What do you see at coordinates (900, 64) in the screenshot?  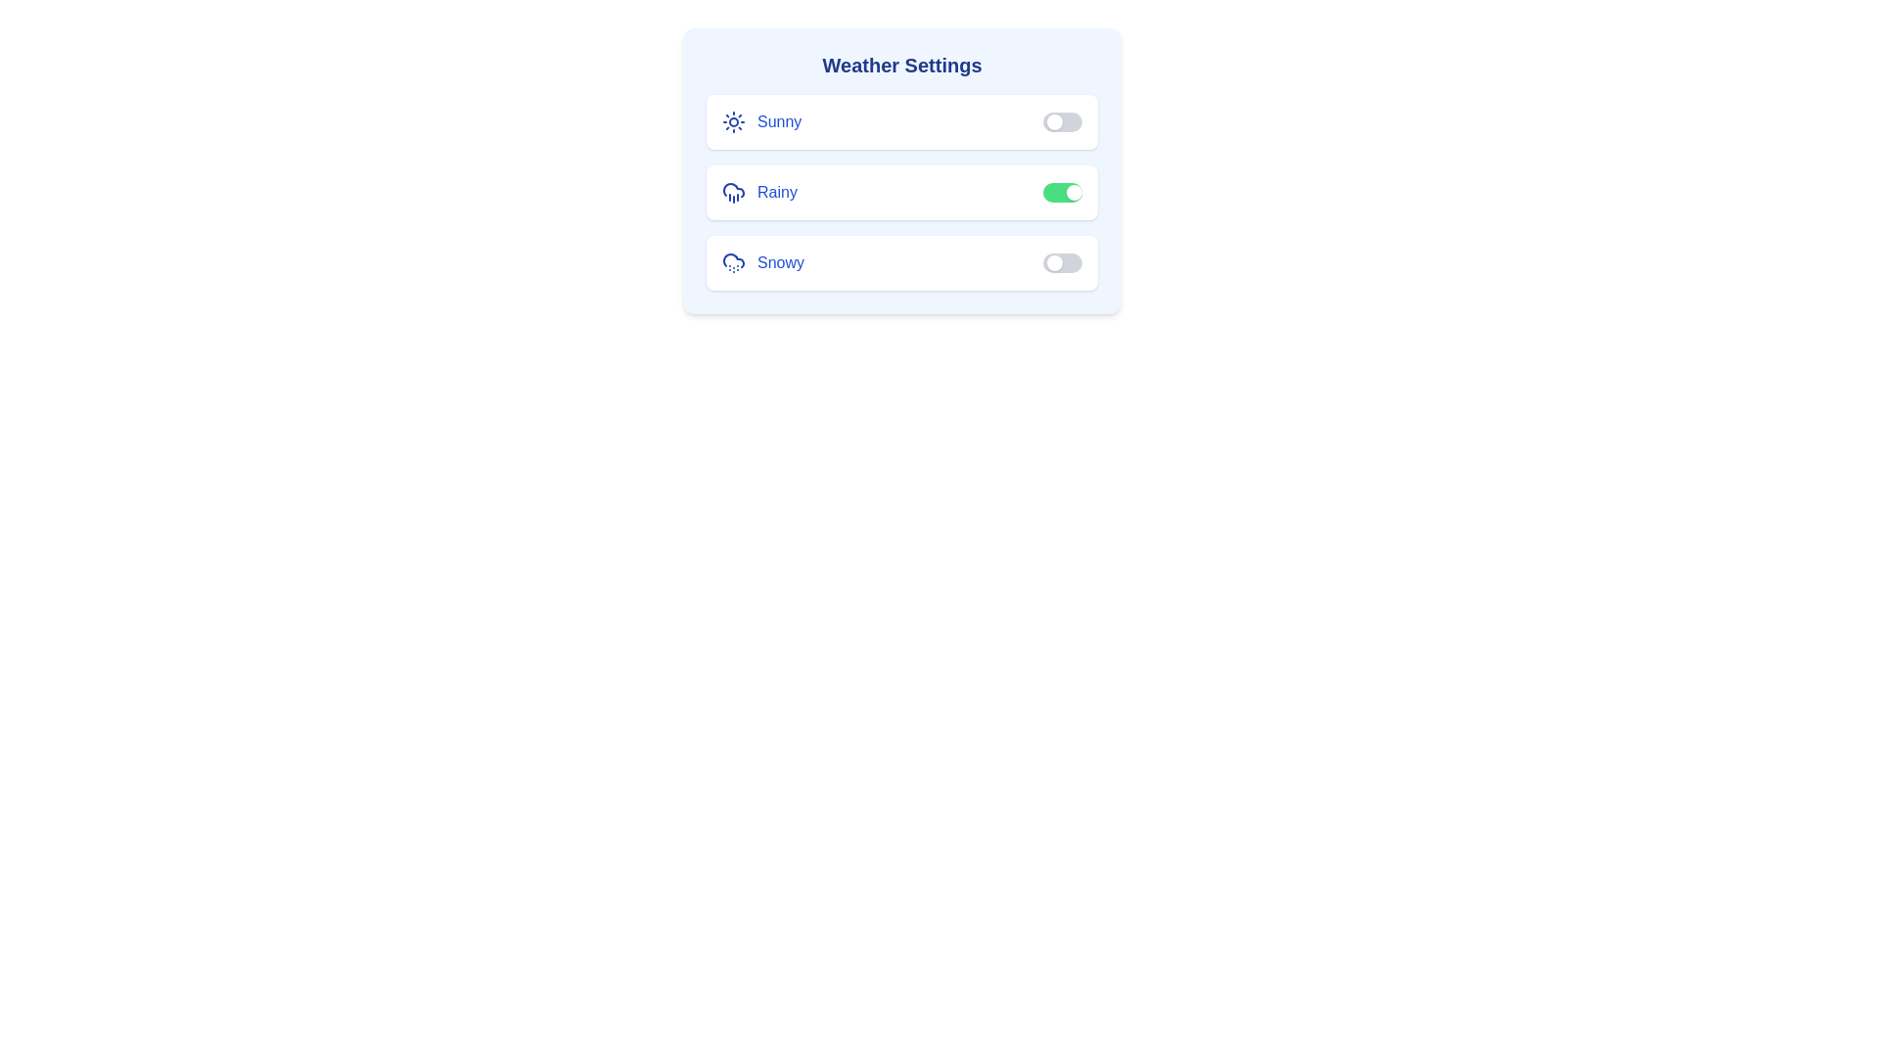 I see `the 'Weather Settings' text label, which is styled in bold and centered with a deep blue color on a light blue background, positioned above the weather option toggles` at bounding box center [900, 64].